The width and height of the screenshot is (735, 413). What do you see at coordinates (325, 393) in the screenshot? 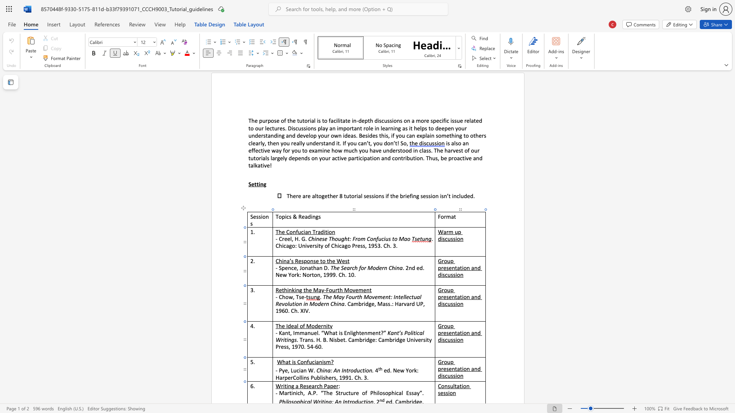
I see `the 1th character "T" in the text` at bounding box center [325, 393].